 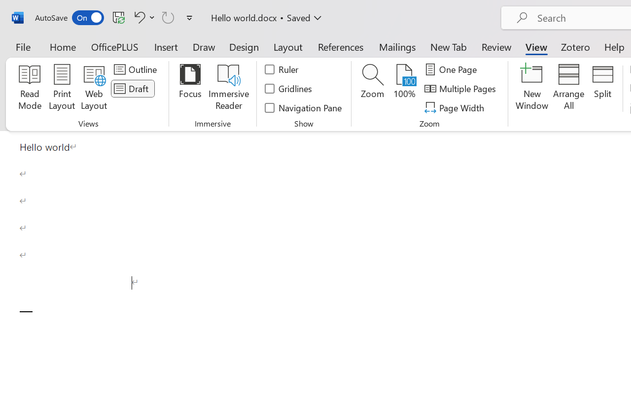 What do you see at coordinates (244, 46) in the screenshot?
I see `'Design'` at bounding box center [244, 46].